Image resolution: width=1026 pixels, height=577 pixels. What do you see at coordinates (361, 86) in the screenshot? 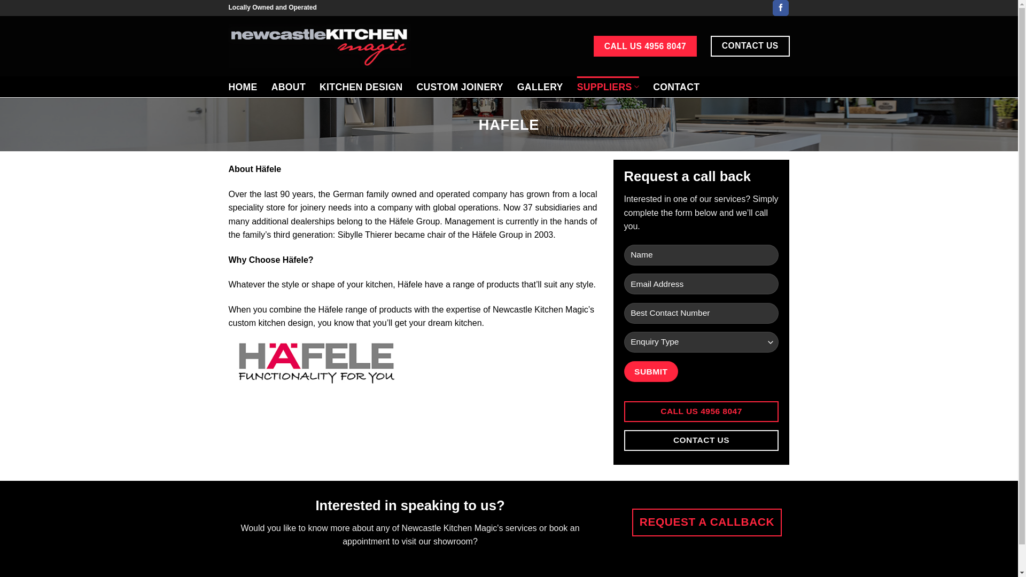
I see `'KITCHEN DESIGN'` at bounding box center [361, 86].